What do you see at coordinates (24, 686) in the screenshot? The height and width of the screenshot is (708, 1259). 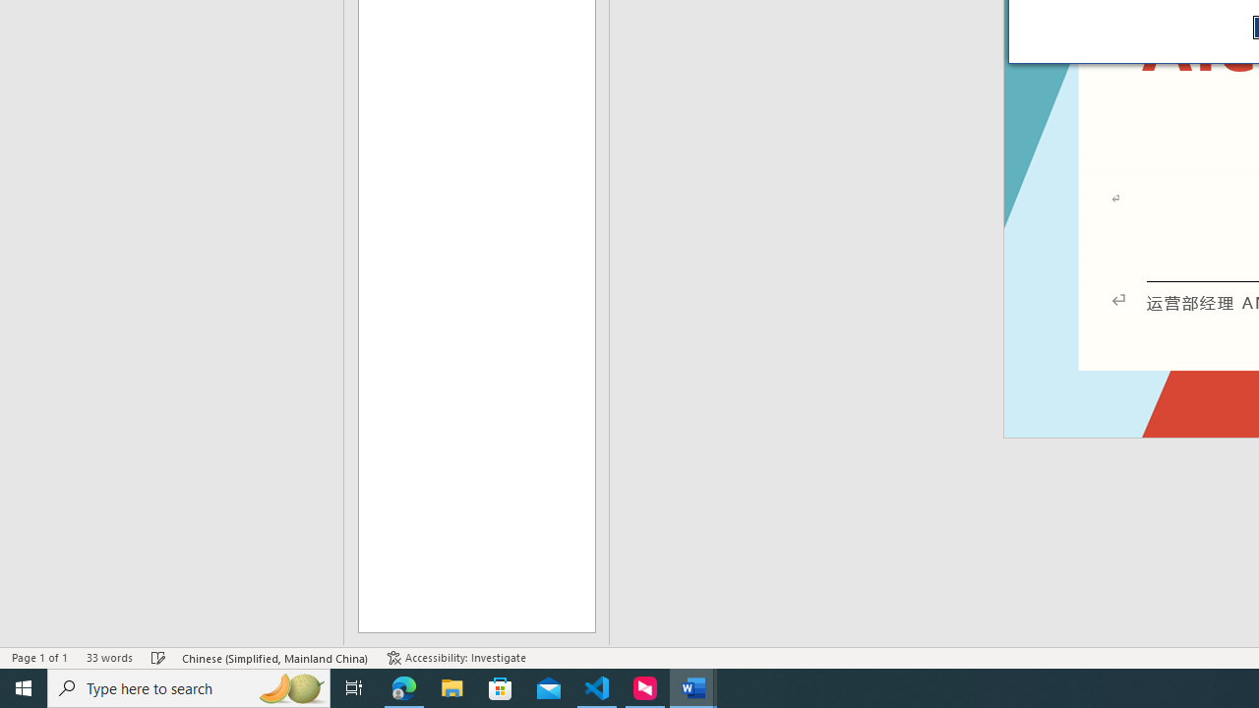 I see `'Start'` at bounding box center [24, 686].